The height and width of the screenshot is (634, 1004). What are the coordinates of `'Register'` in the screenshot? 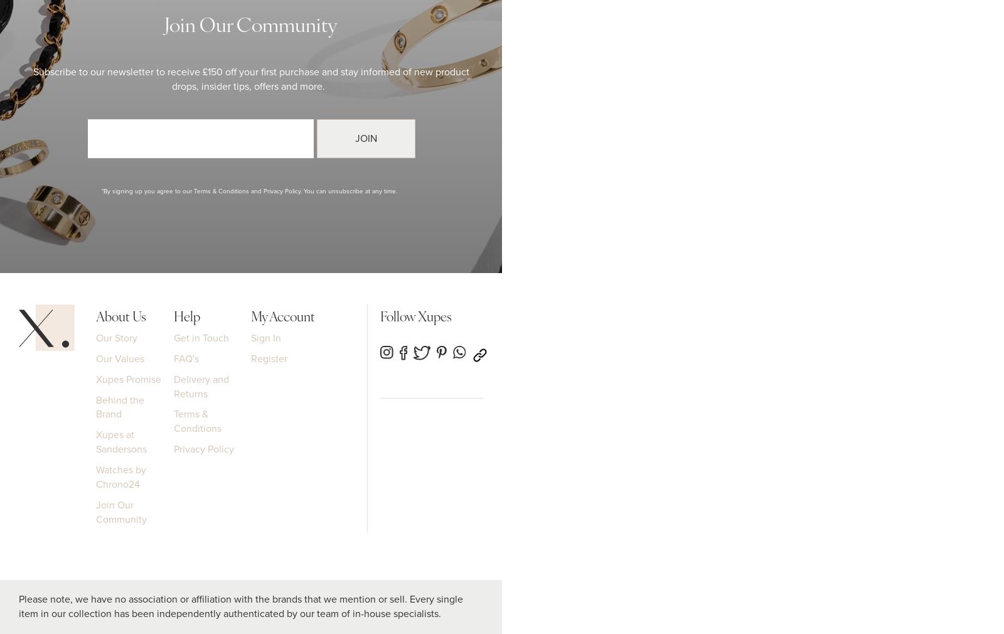 It's located at (268, 357).